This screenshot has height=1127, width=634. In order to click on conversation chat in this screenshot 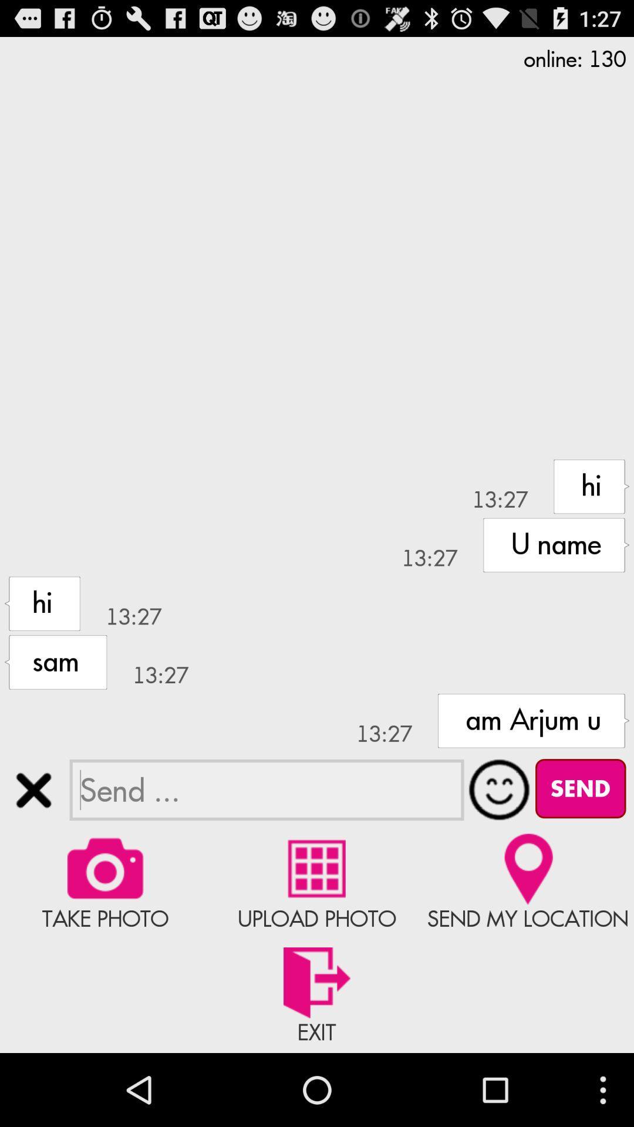, I will do `click(33, 790)`.